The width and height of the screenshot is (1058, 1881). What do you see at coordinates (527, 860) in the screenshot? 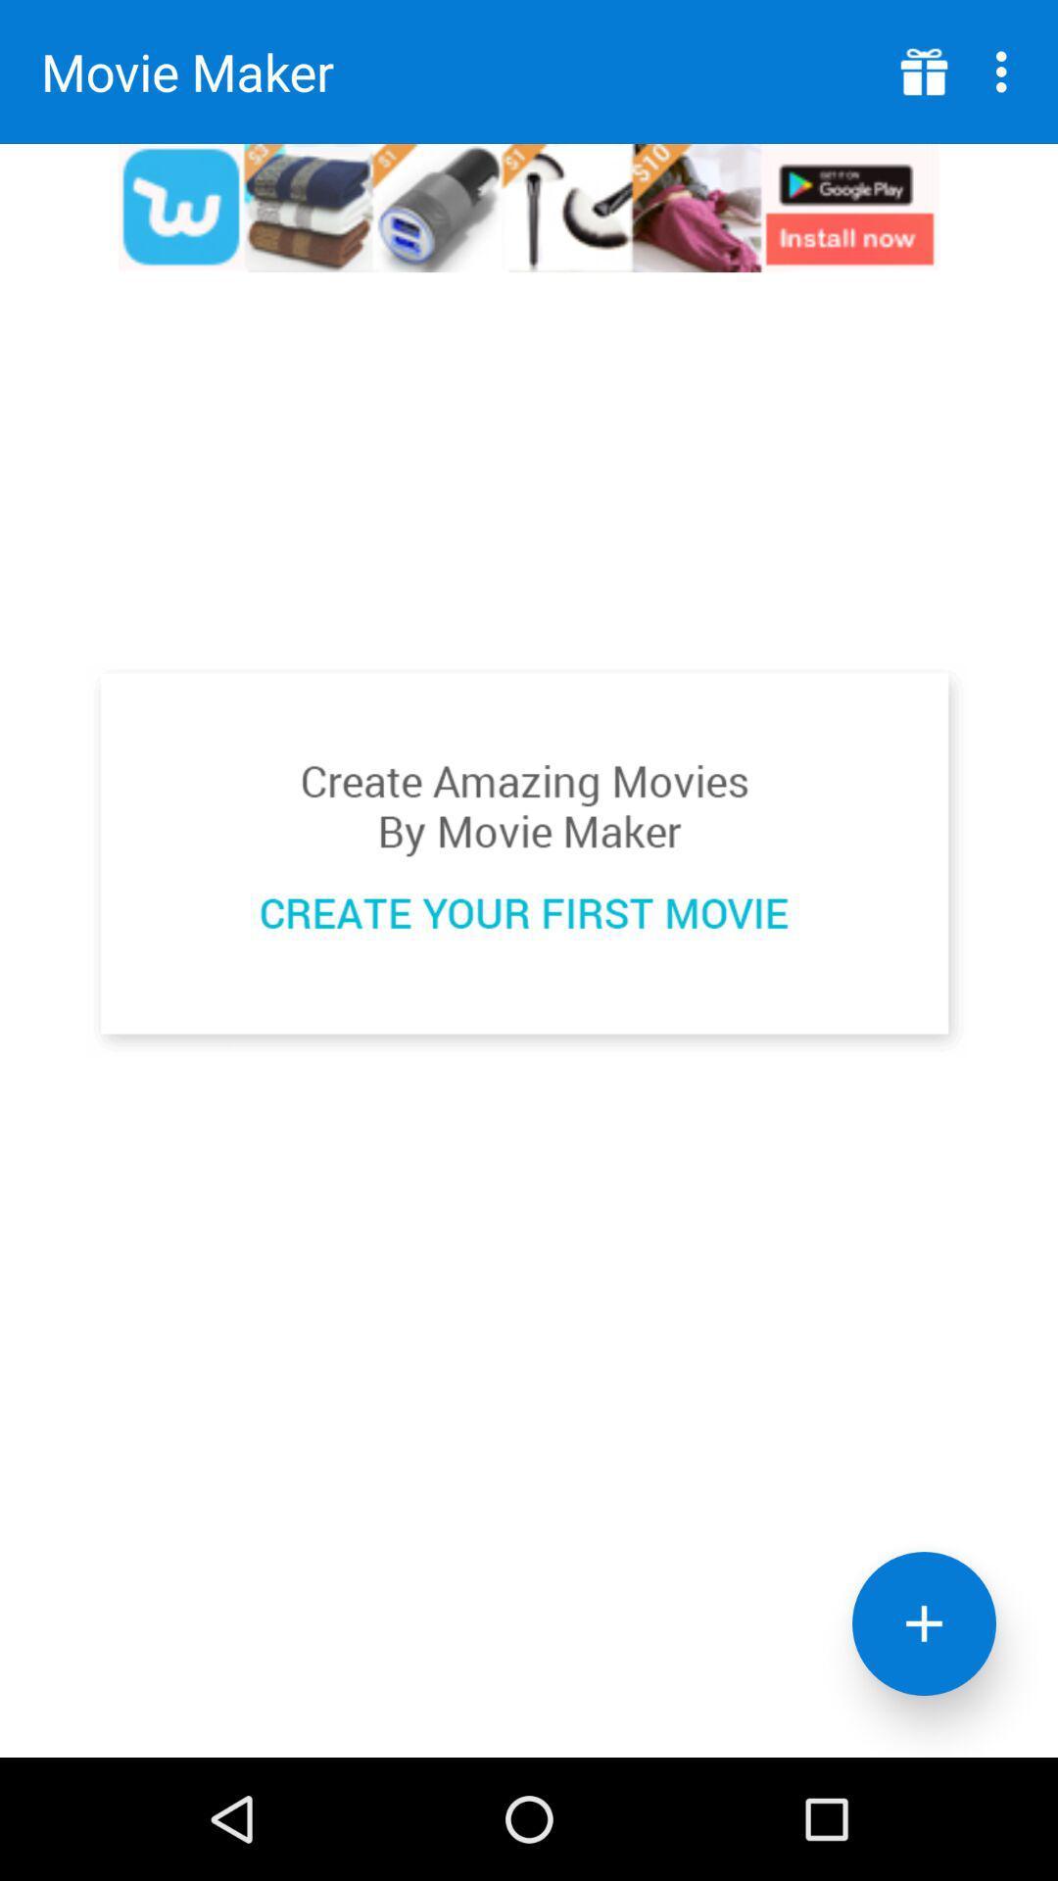
I see `advertisement` at bounding box center [527, 860].